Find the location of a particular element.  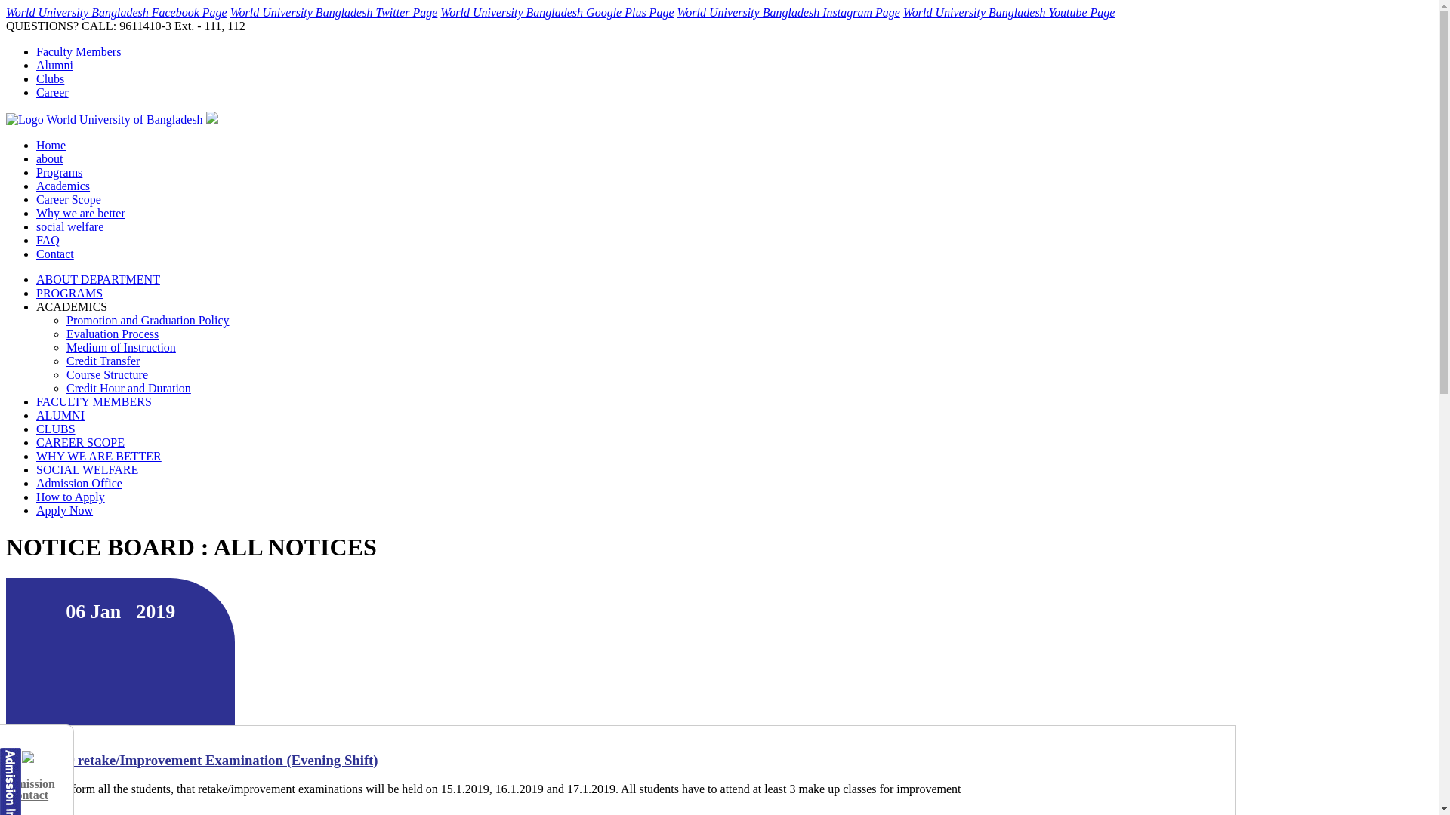

'PROGRAMS' is located at coordinates (68, 293).